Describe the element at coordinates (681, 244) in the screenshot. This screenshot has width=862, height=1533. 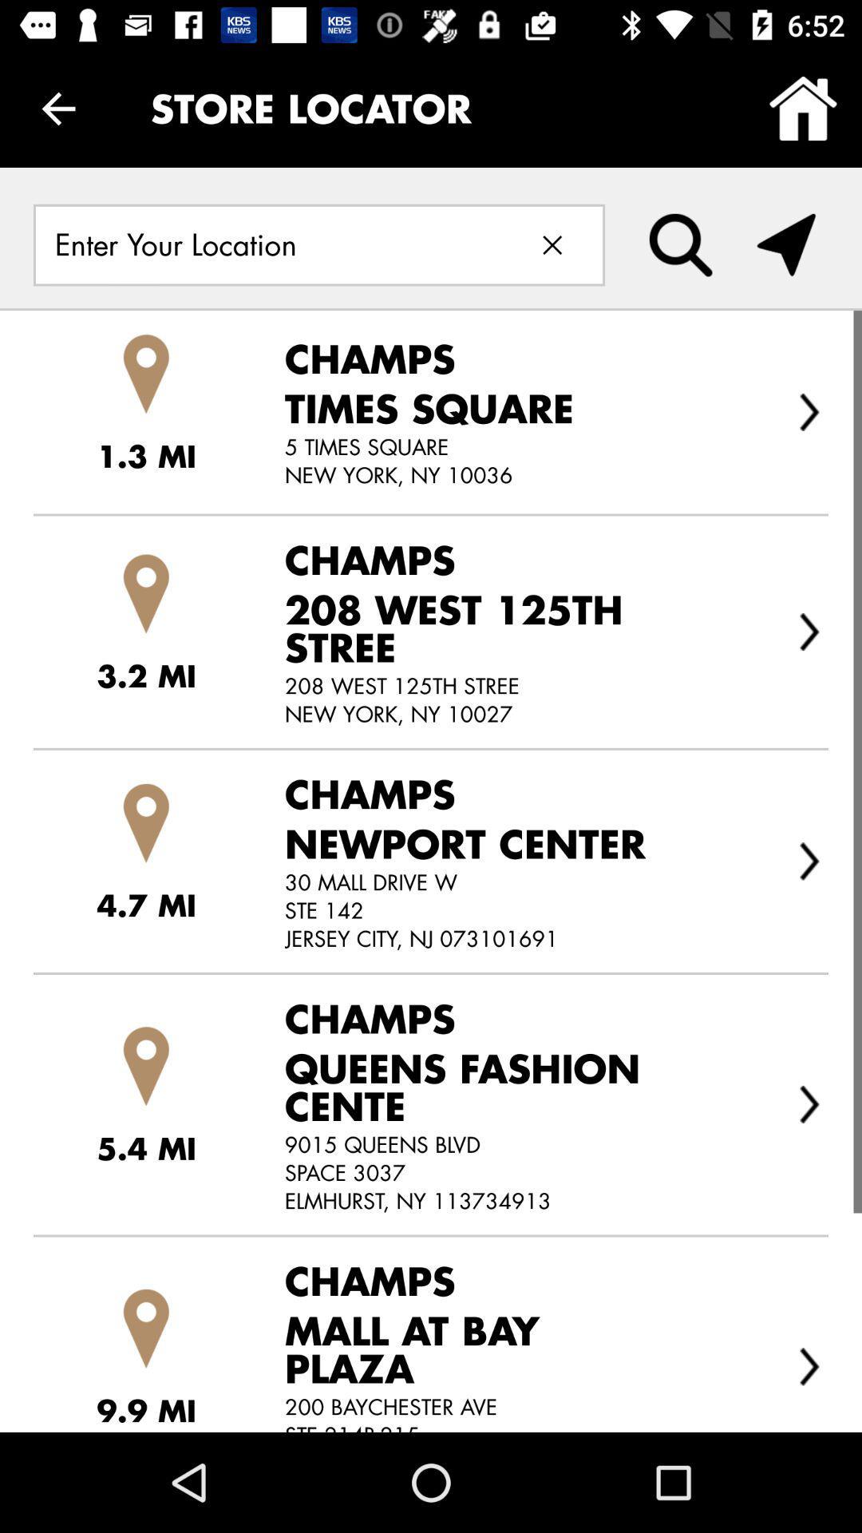
I see `the search icon` at that location.